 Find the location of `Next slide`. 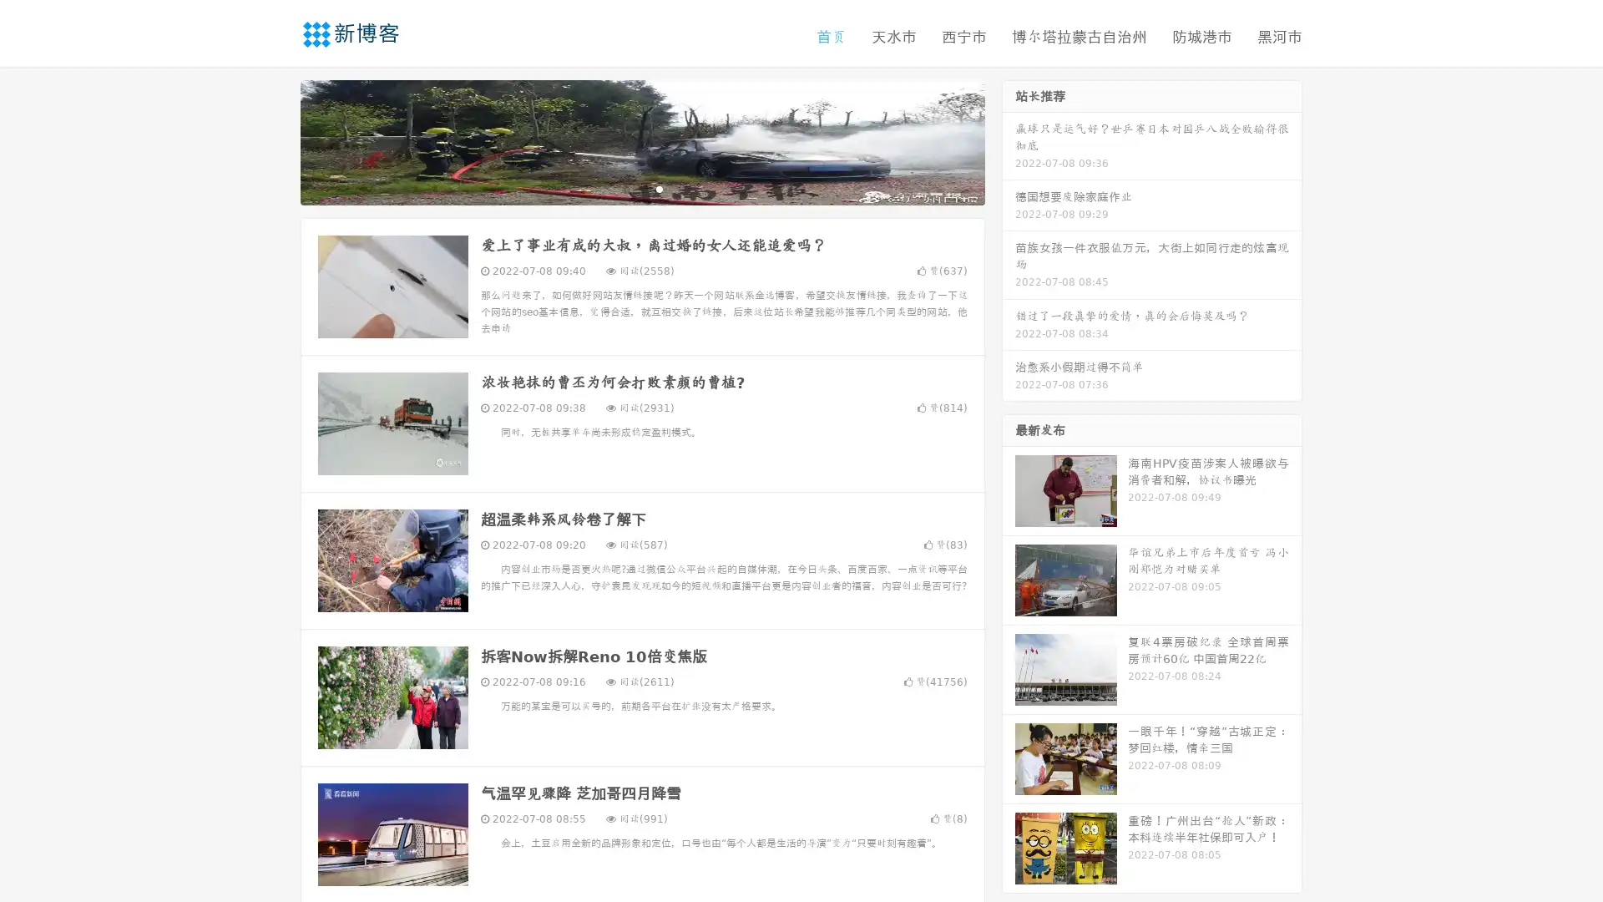

Next slide is located at coordinates (1009, 140).